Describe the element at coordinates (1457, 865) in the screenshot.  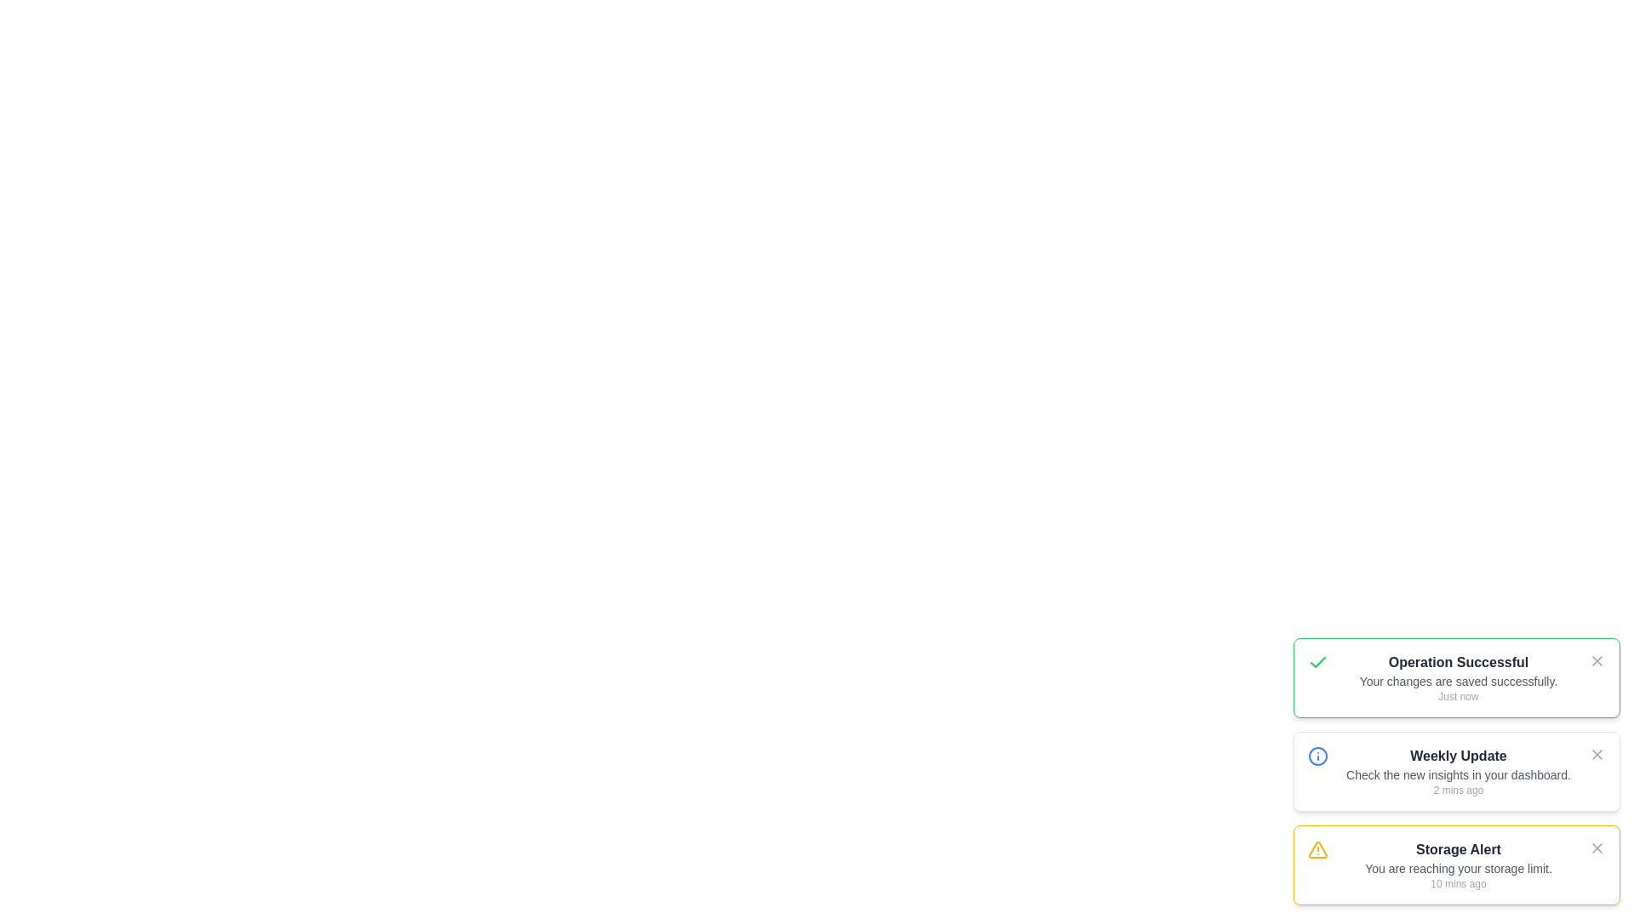
I see `the alert Text Block that notifies the user about approaching storage limits, which is located at the bottom of the notification list with a yellow border` at that location.